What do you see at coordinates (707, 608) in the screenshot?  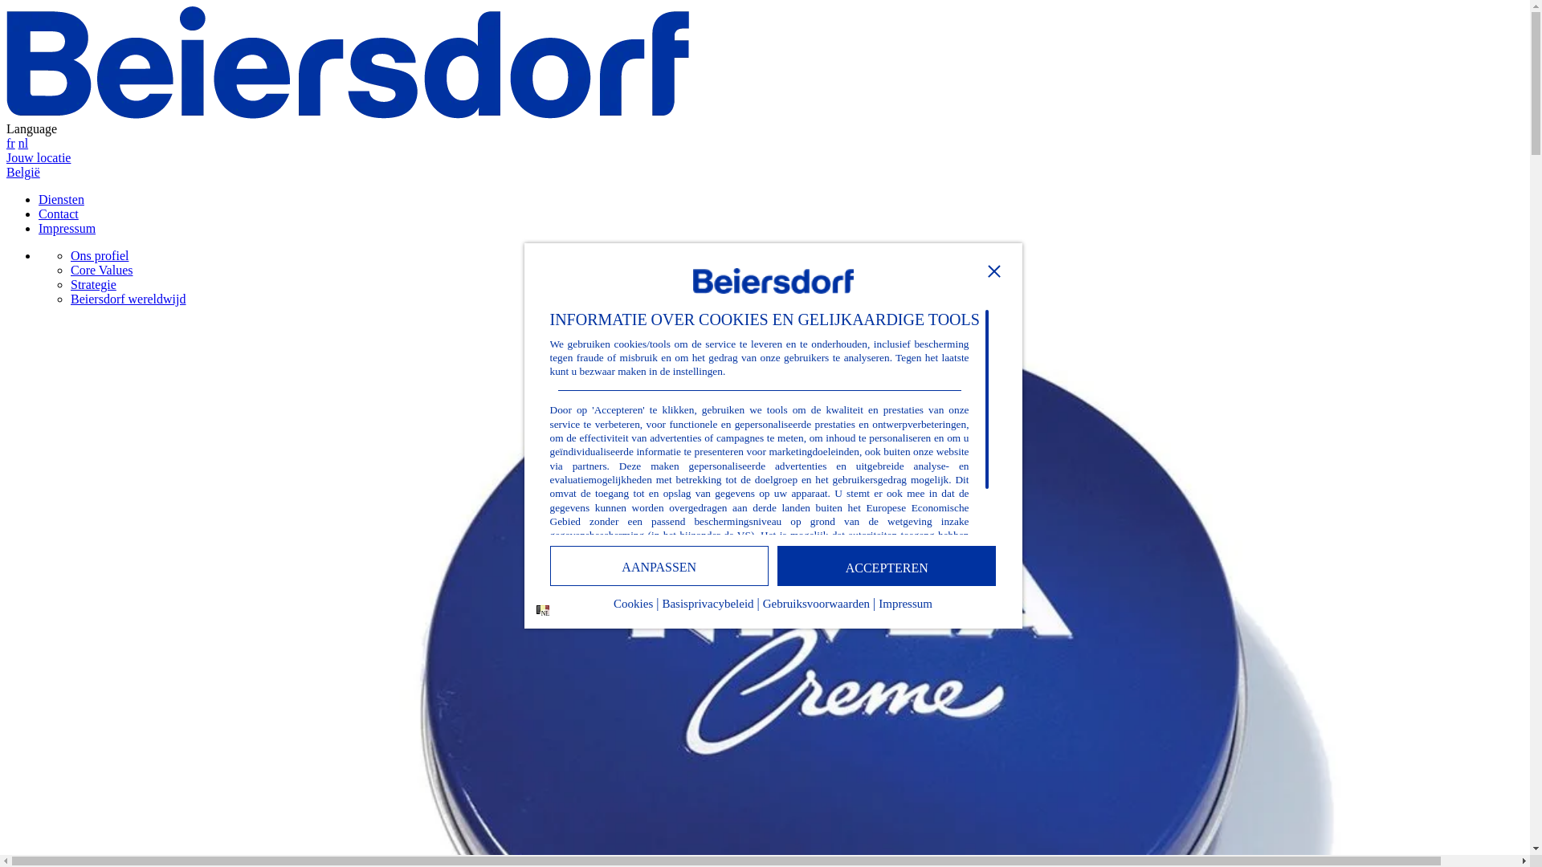 I see `'Basisprivacybeleid'` at bounding box center [707, 608].